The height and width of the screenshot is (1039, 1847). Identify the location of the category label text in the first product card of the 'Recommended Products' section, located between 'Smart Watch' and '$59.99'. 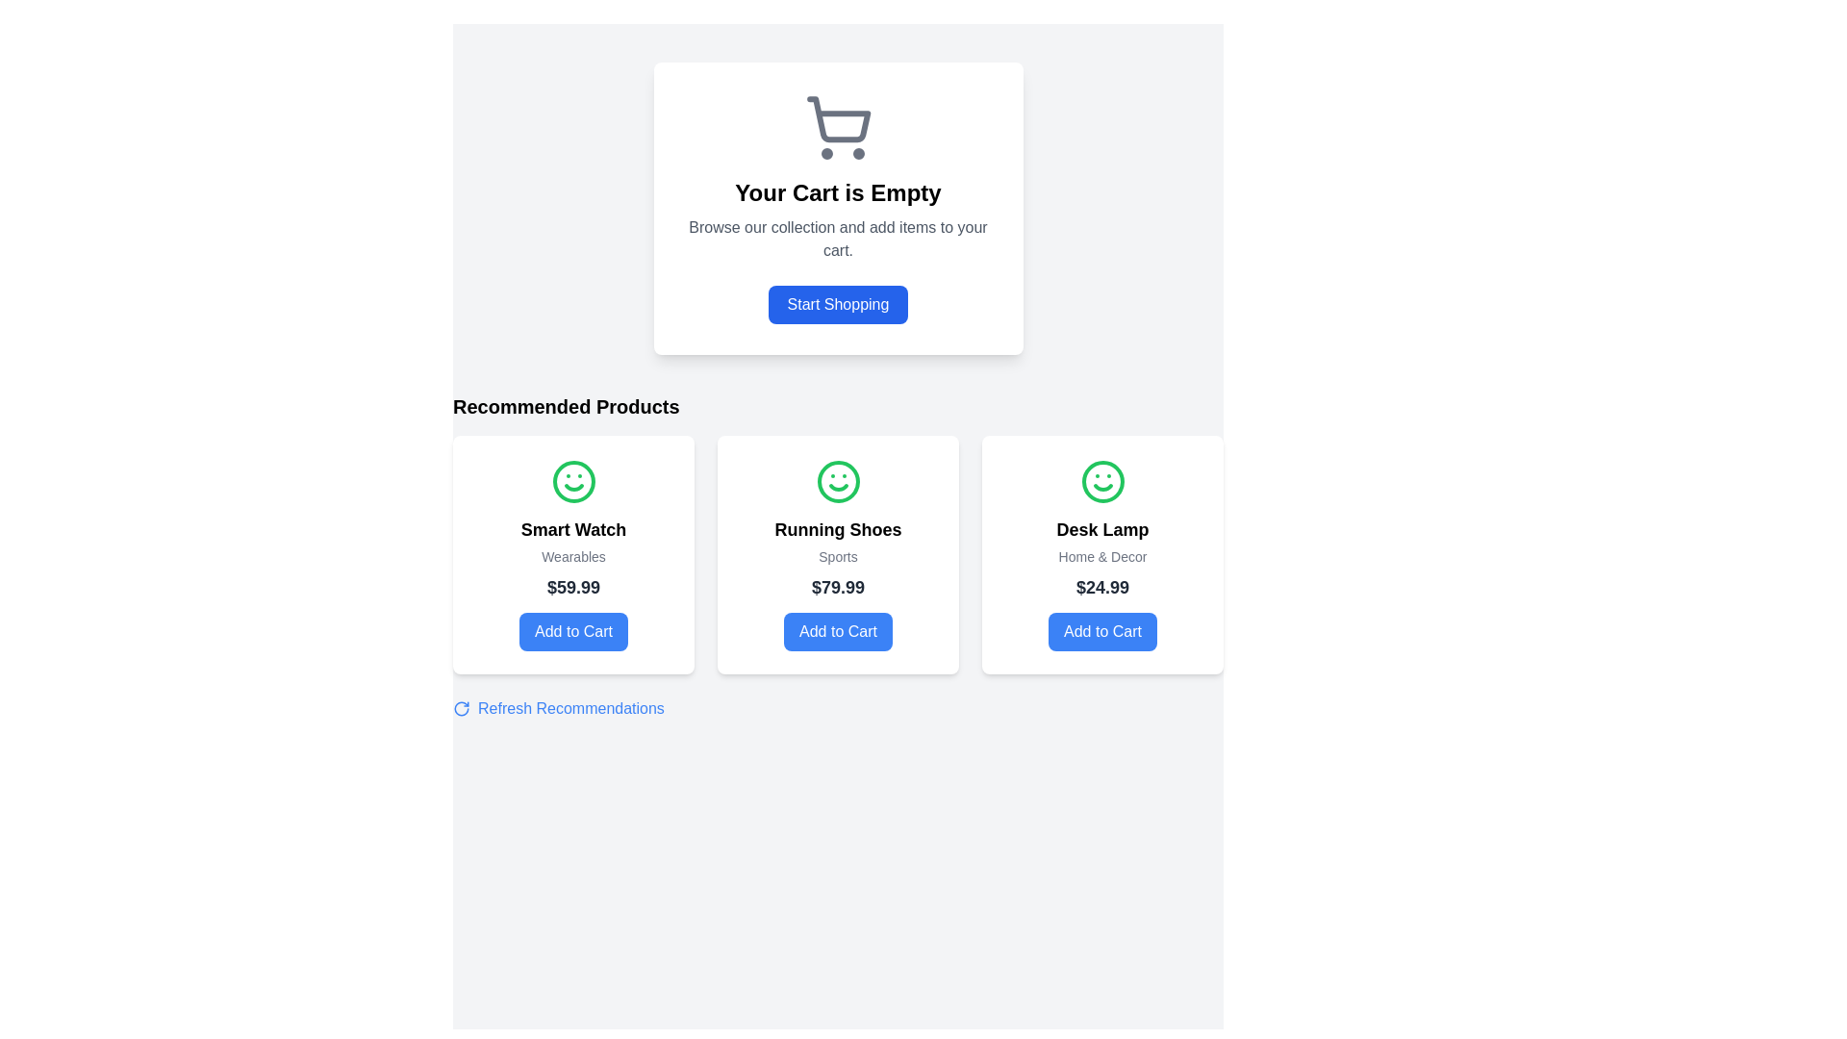
(572, 556).